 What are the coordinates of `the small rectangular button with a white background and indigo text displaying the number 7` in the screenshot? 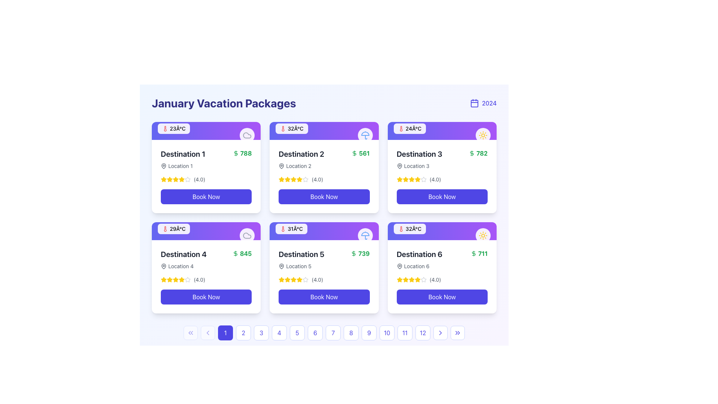 It's located at (333, 333).